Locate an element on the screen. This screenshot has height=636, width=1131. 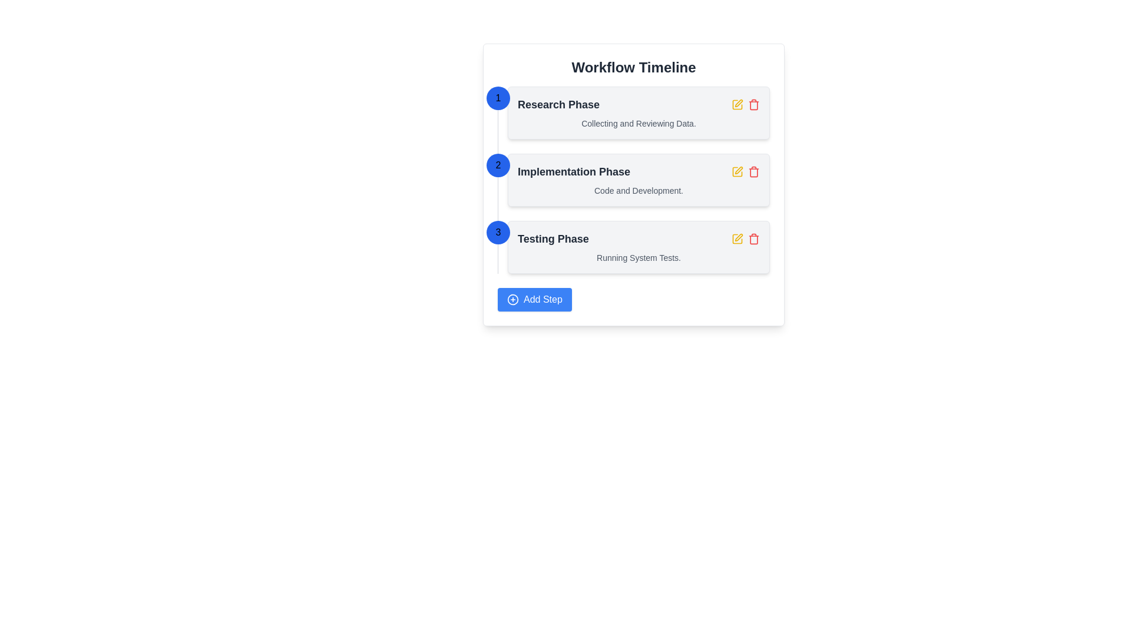
heading element labeled 'Workflow Timeline', which is bold and dark gray, located at the top of the content block is located at coordinates (633, 68).